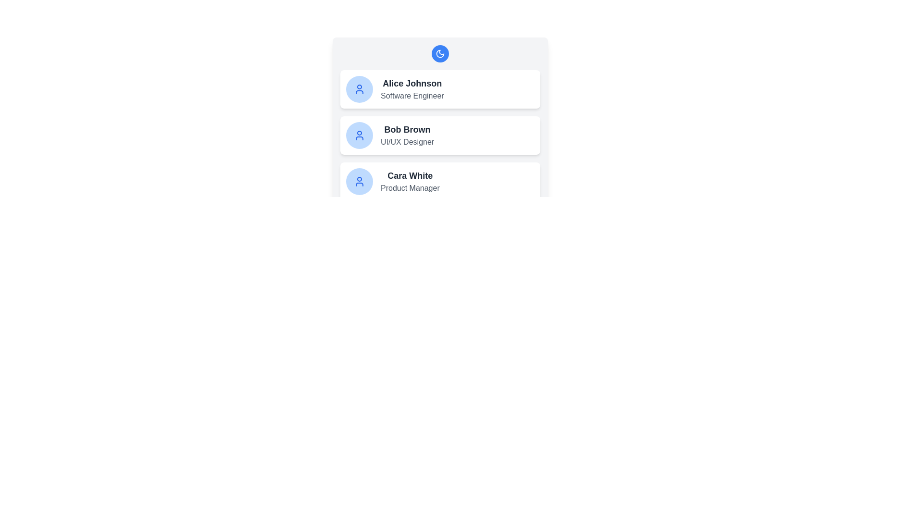 Image resolution: width=923 pixels, height=519 pixels. I want to click on the text element displaying the individual's name, which is part of the third row in a vertical list of user details, positioned above the text 'Product Manager', so click(410, 176).